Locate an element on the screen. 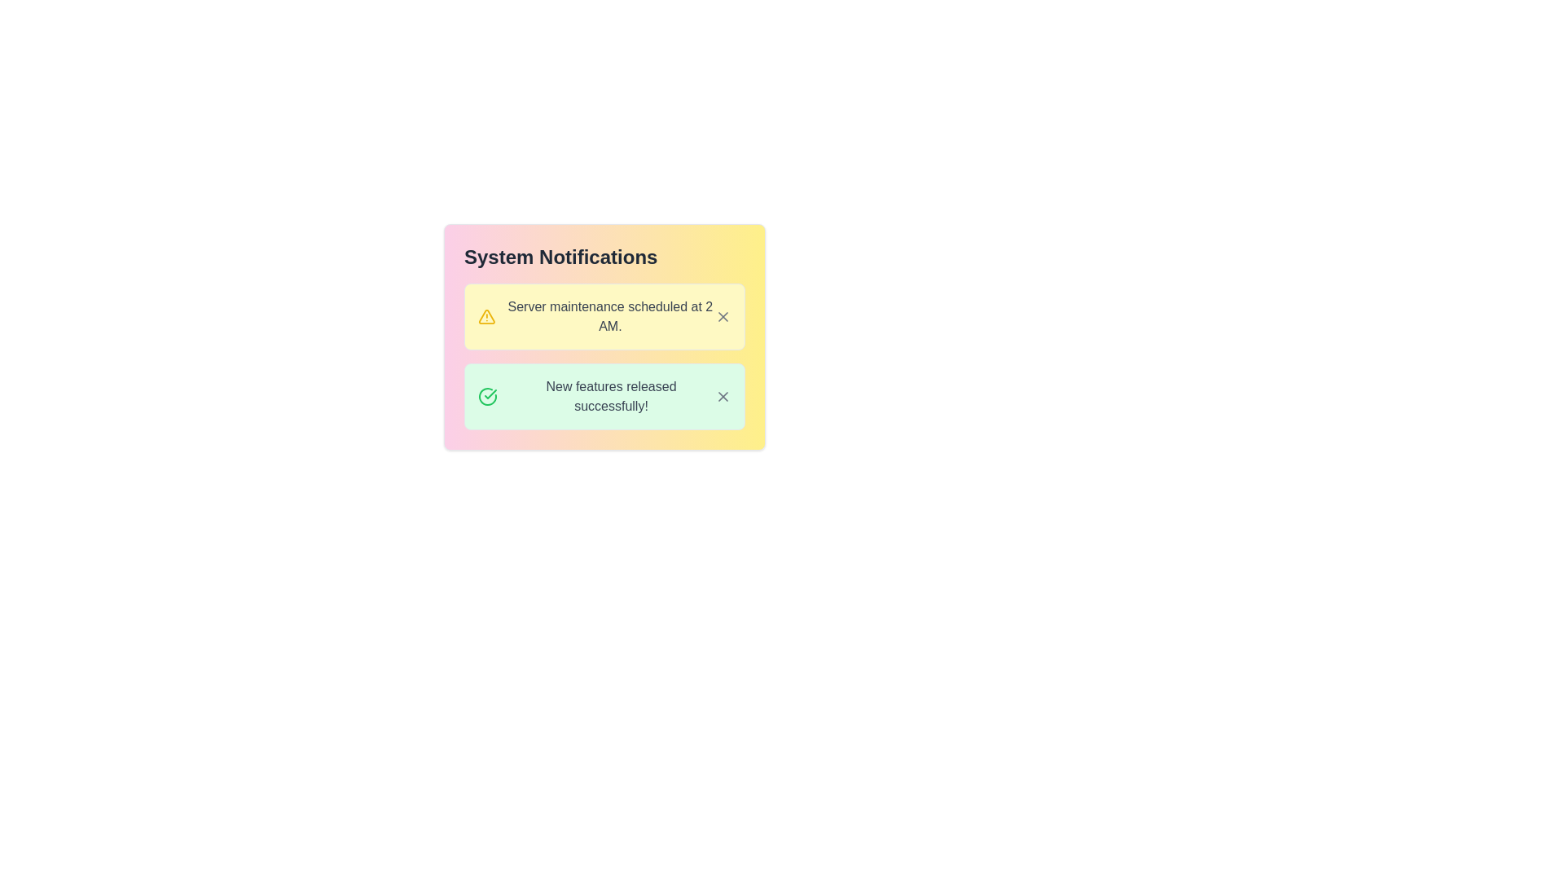 This screenshot has height=880, width=1564. the triangular icon with a yellow border and interior, which features an exclamation mark in its center, located on the left side of the notification banner displaying 'Server maintenance scheduled at 2 AM.' is located at coordinates (485, 317).